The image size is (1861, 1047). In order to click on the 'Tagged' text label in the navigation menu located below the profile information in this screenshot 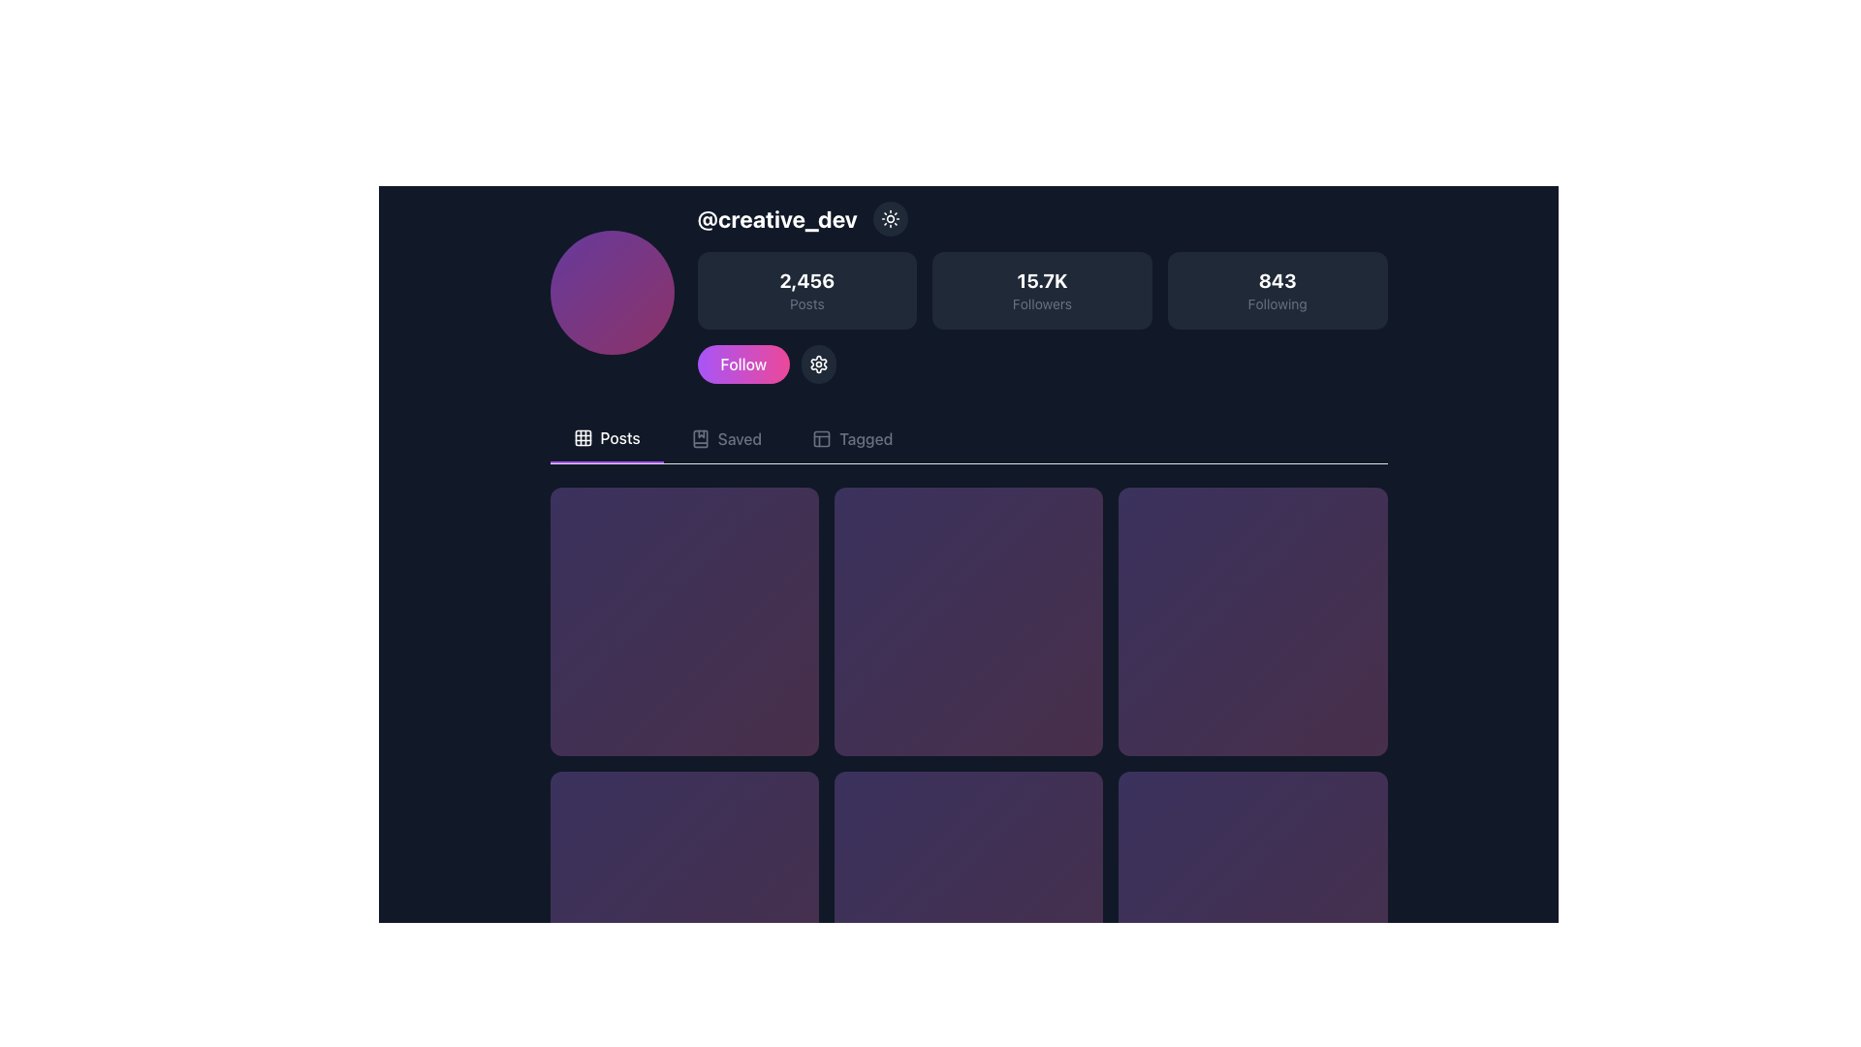, I will do `click(865, 438)`.